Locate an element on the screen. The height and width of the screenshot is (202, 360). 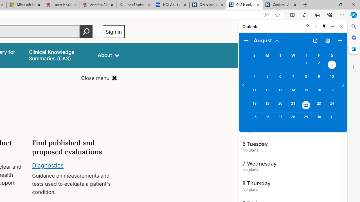
'View Switcher. Current view is Agenda view' is located at coordinates (328, 40).